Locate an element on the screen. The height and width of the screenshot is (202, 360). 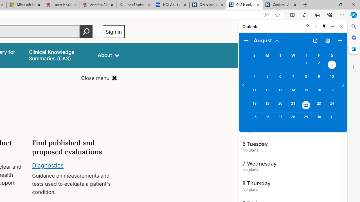
'View Switcher. Current view is Agenda view' is located at coordinates (328, 40).